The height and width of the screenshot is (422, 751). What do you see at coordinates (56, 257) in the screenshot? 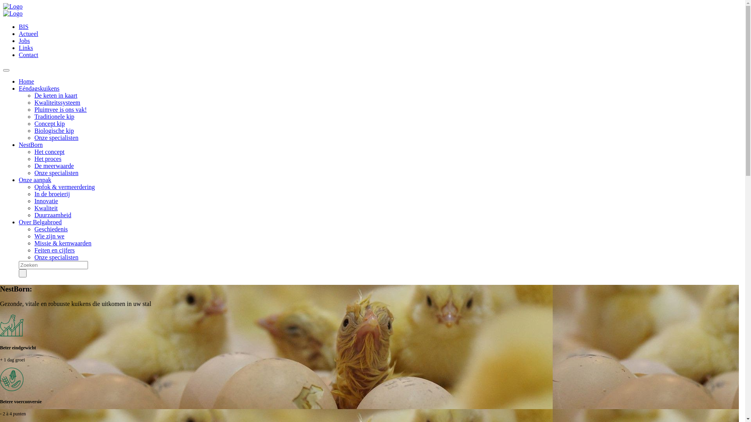
I see `'Onze specialisten'` at bounding box center [56, 257].